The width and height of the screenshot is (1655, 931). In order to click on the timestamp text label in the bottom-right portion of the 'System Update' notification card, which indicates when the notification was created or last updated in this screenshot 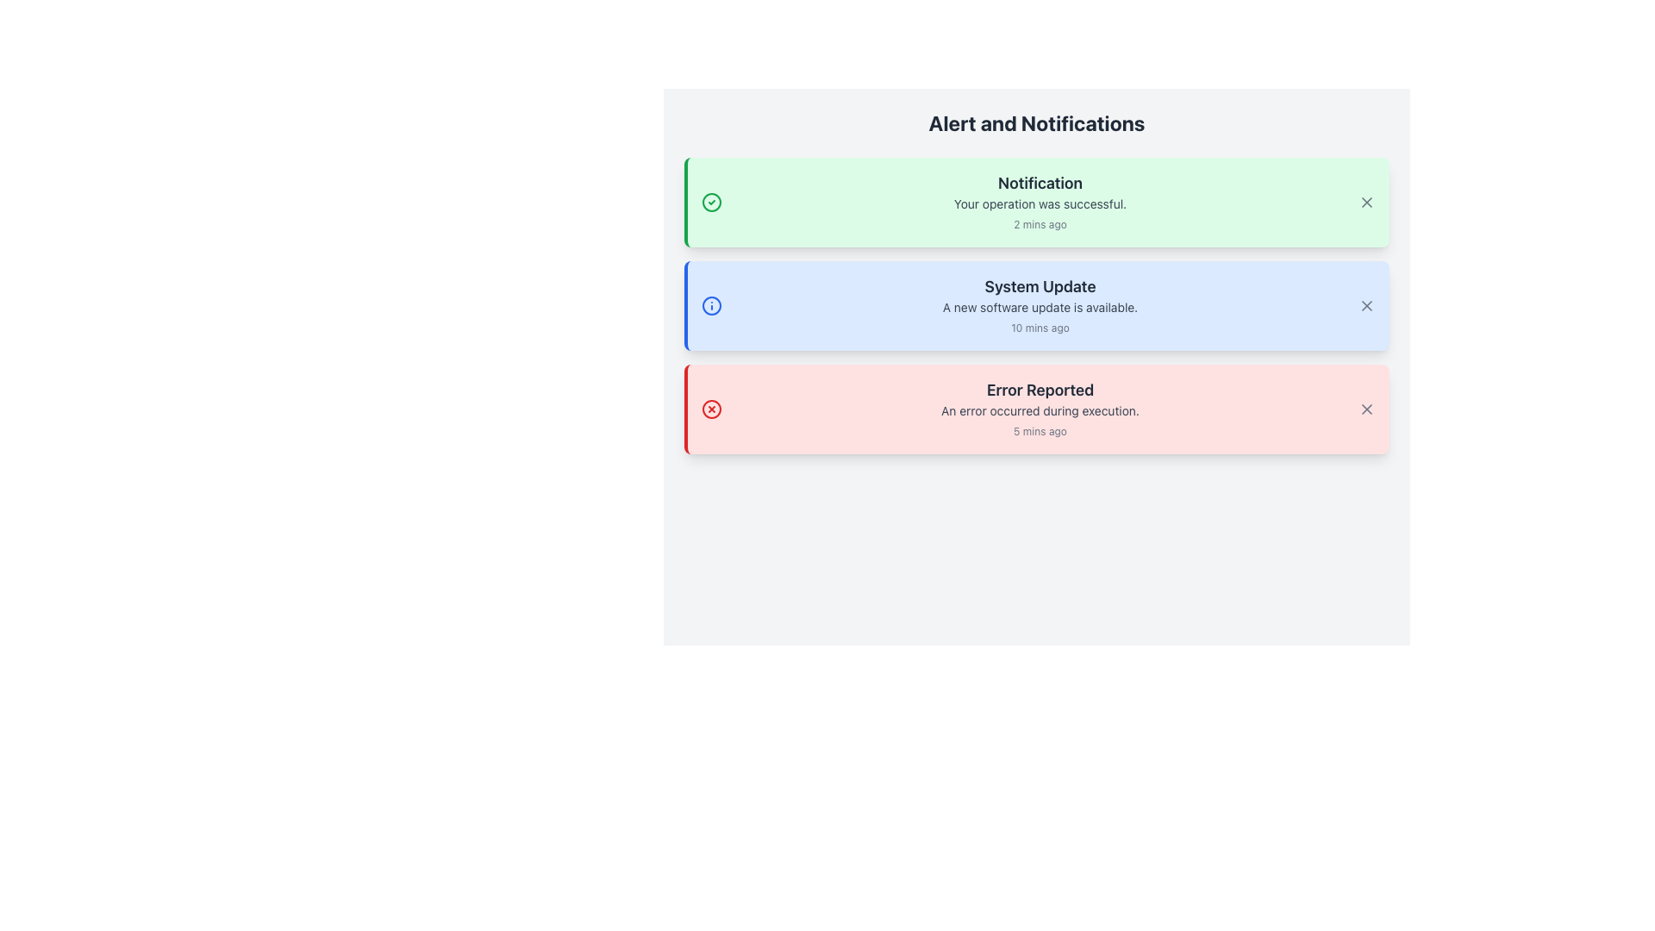, I will do `click(1039, 328)`.